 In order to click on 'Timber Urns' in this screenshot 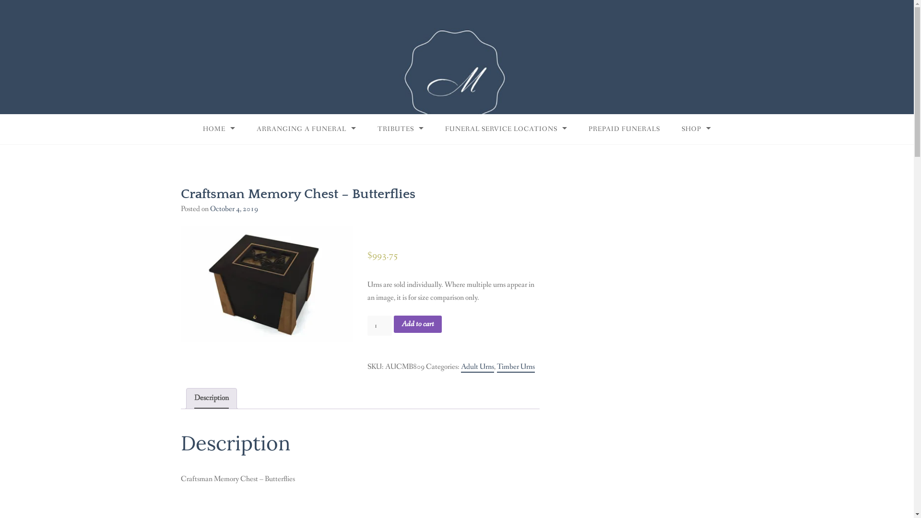, I will do `click(515, 367)`.